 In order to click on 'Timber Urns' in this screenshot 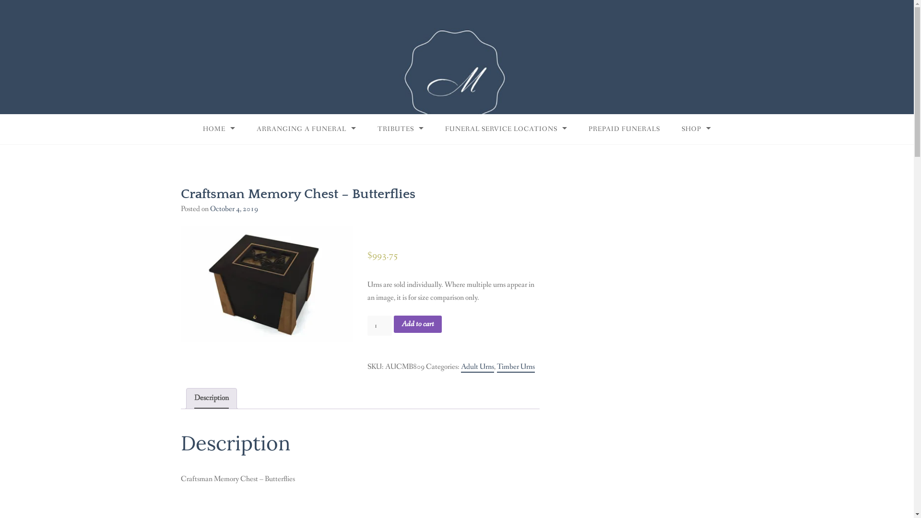, I will do `click(515, 367)`.